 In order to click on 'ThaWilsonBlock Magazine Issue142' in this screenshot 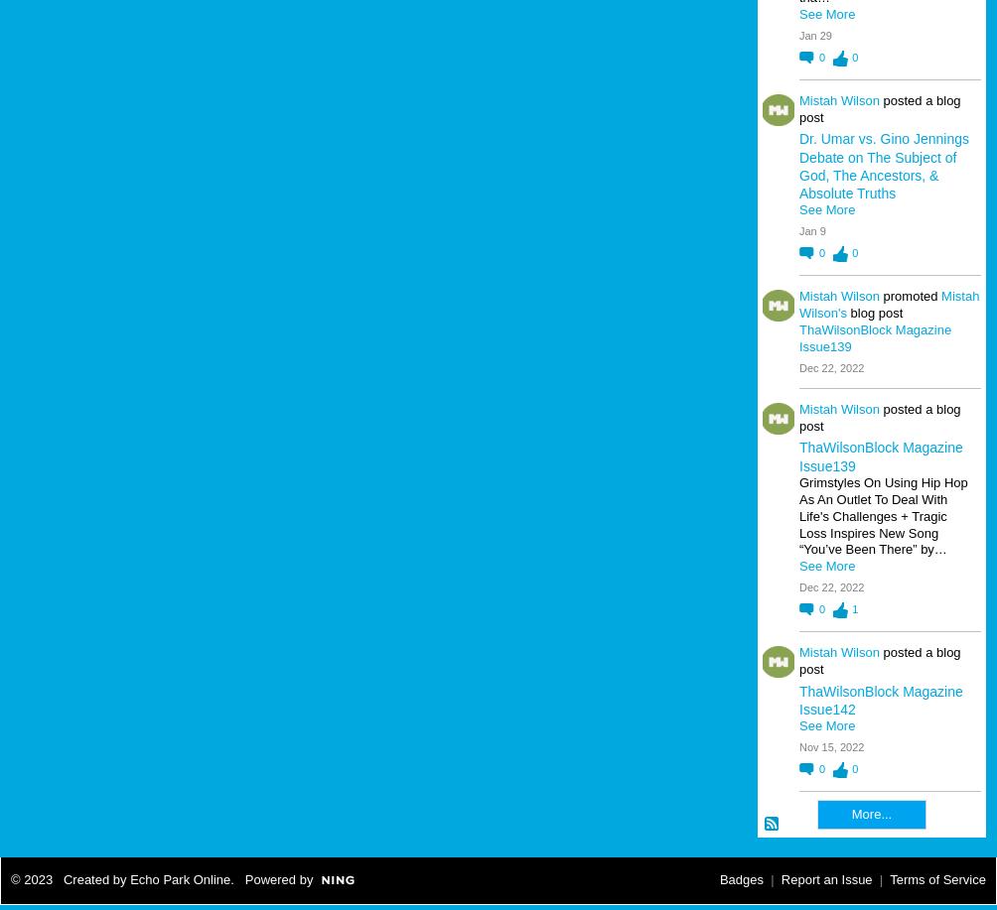, I will do `click(880, 699)`.